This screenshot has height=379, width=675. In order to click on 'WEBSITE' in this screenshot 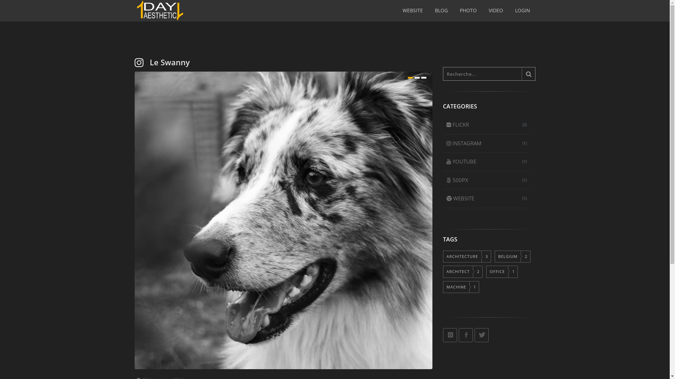, I will do `click(413, 11)`.